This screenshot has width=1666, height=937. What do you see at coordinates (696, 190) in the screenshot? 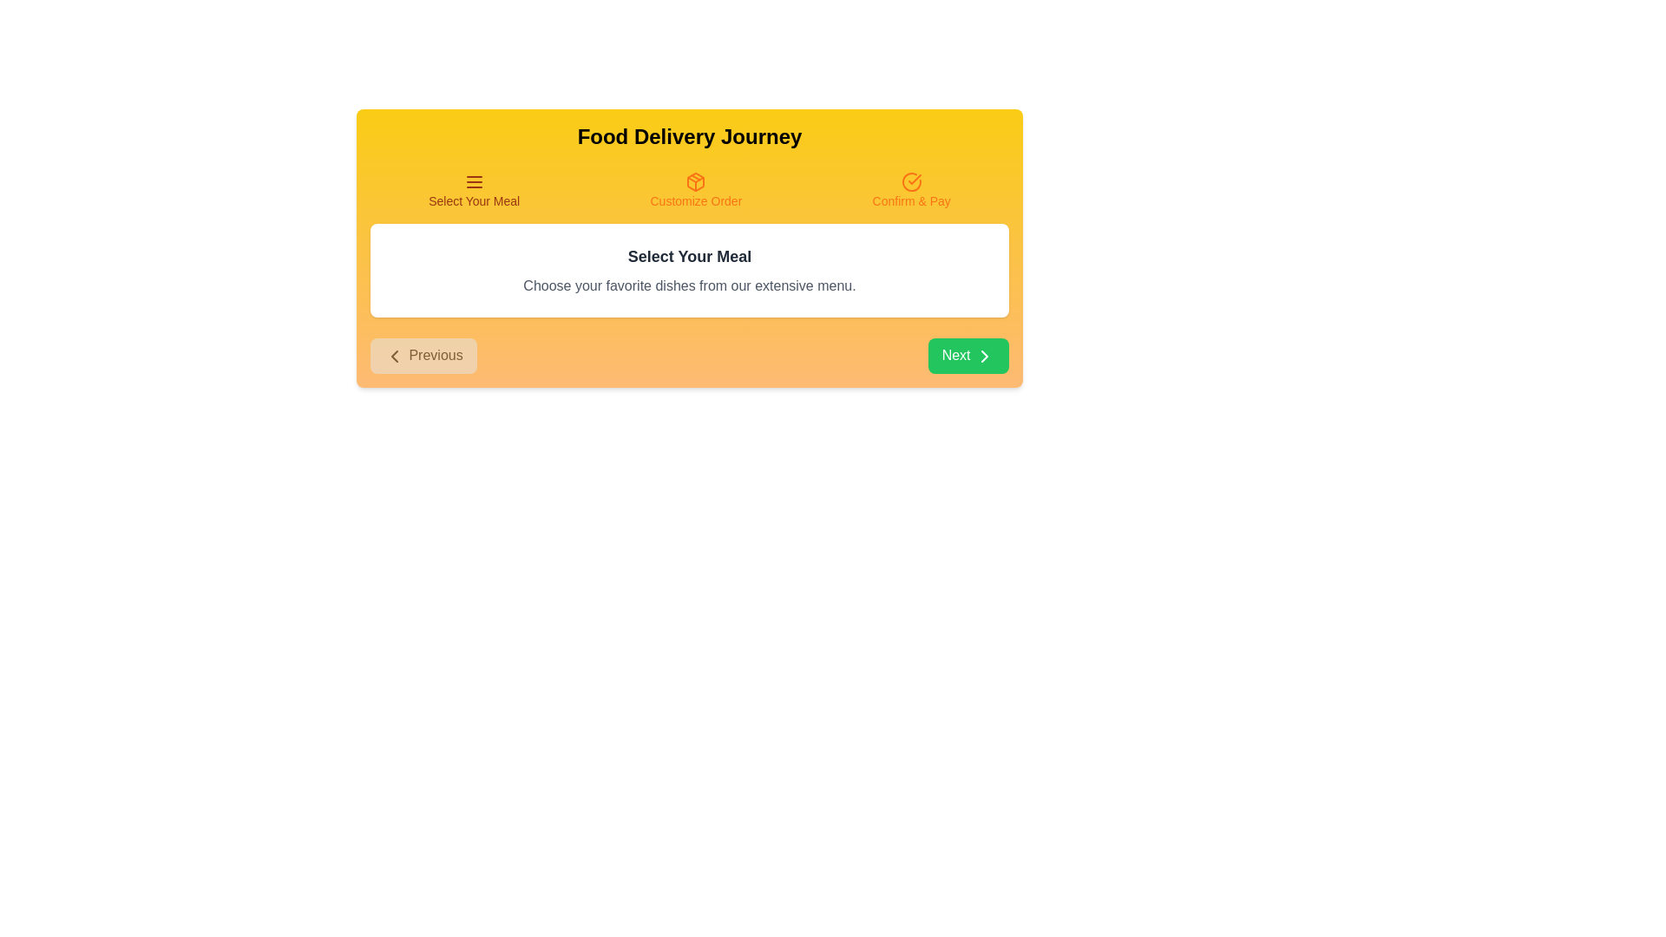
I see `the second option in the horizontal menu bar that allows users` at bounding box center [696, 190].